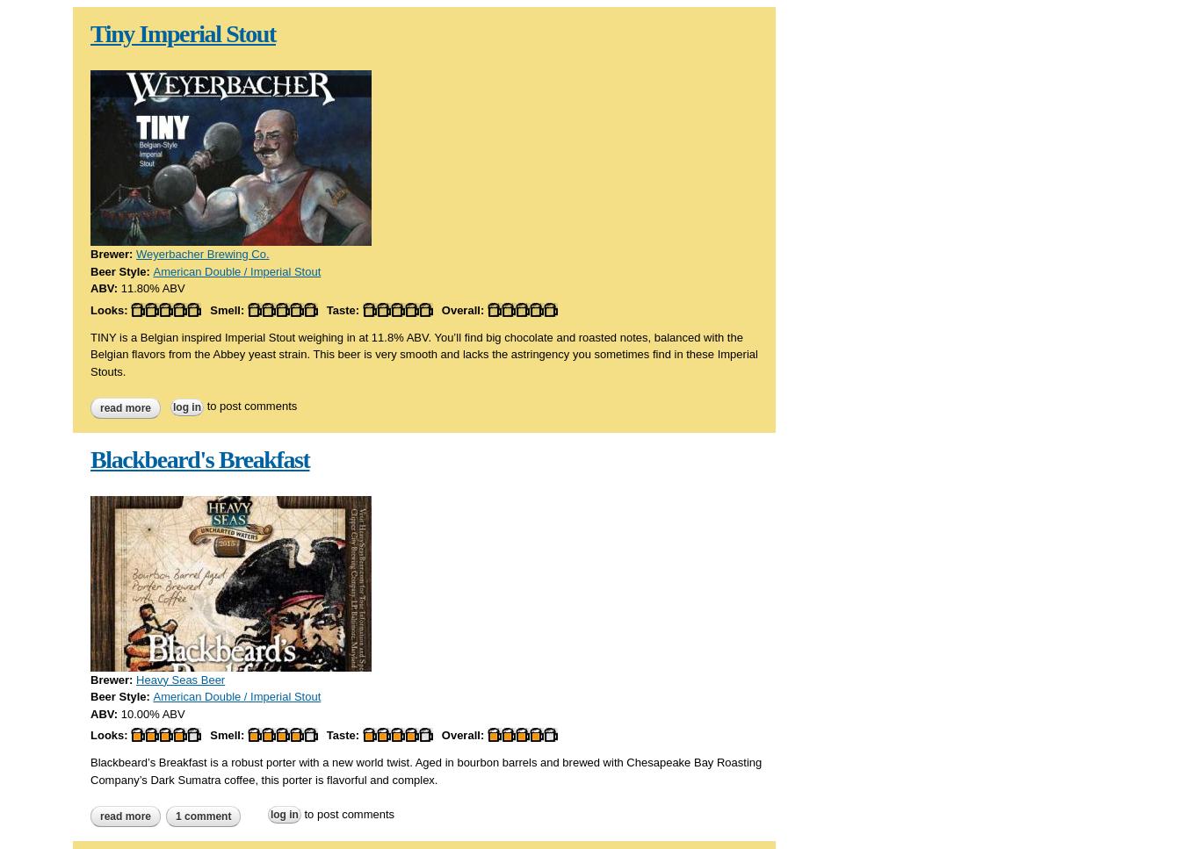  I want to click on 'TINY is a Belgian inspired Imperial Stout weighing in at 11.8% ABV. You’ll find big chocolate and roasted notes, balanced with the Belgian flavors from the Abbey yeast strain. This beer is very smooth and lacks the astringency you sometimes find in these Imperial Stouts.', so click(423, 354).